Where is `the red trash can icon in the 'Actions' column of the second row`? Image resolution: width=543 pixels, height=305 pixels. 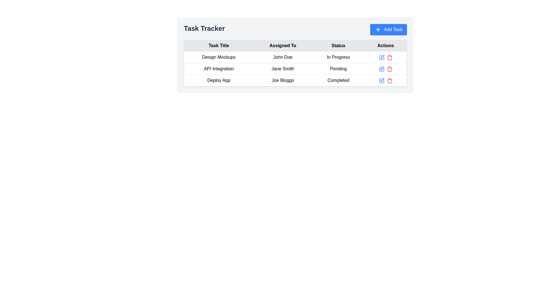 the red trash can icon in the 'Actions' column of the second row is located at coordinates (389, 68).